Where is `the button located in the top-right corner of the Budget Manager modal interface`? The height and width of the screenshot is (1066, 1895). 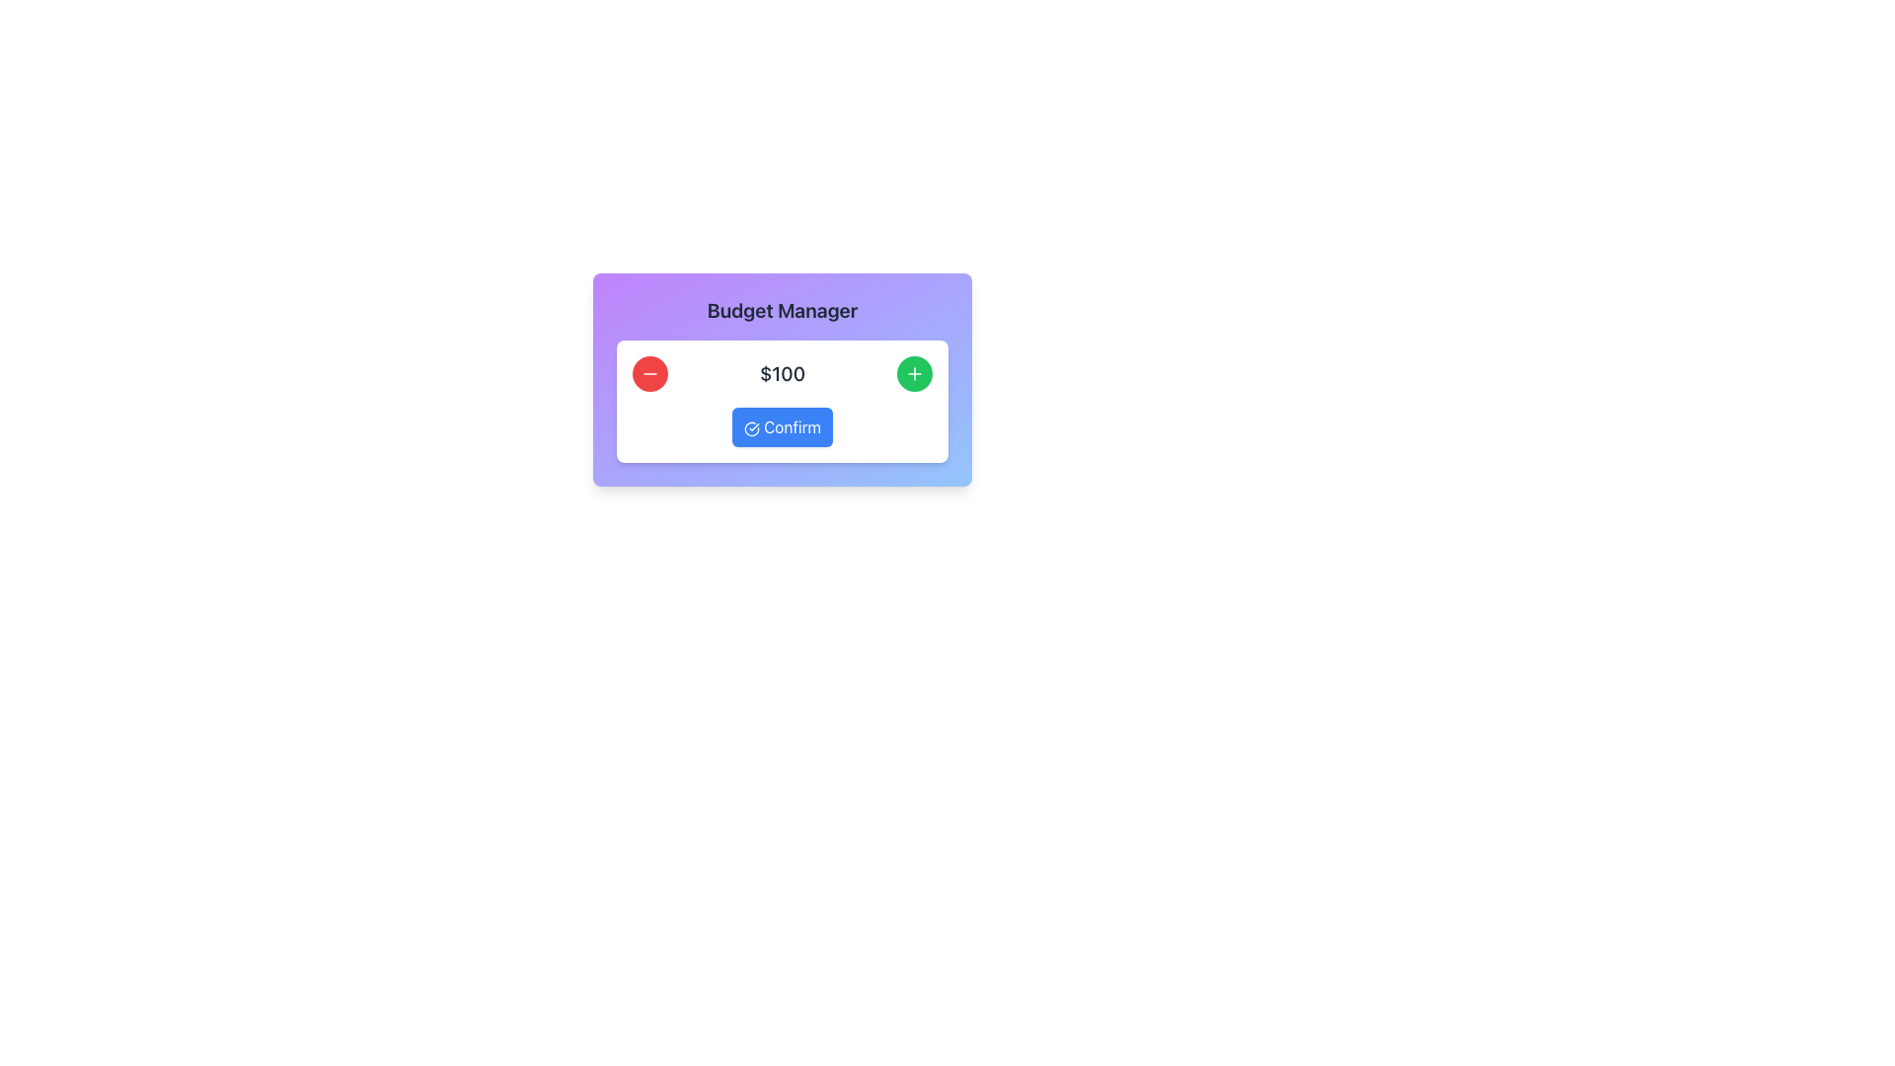 the button located in the top-right corner of the Budget Manager modal interface is located at coordinates (913, 373).